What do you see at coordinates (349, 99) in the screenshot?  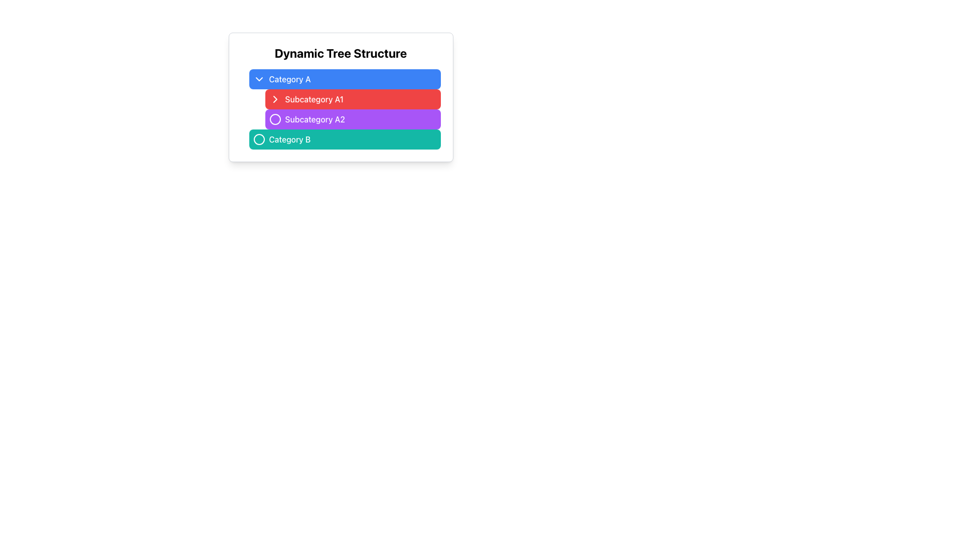 I see `the interactive button located below the 'Category A' blue button and above the 'Subcategory A2' purple button` at bounding box center [349, 99].